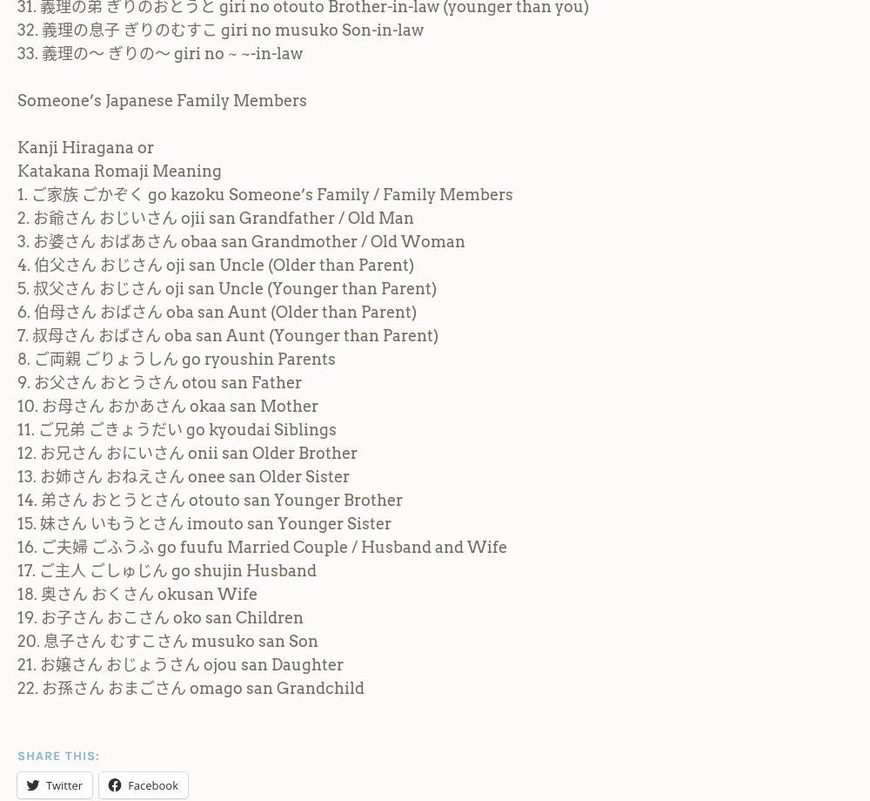  What do you see at coordinates (220, 29) in the screenshot?
I see `'32.	義理の息子	ぎりのむすこ	giri no musuko	Son-in-law'` at bounding box center [220, 29].